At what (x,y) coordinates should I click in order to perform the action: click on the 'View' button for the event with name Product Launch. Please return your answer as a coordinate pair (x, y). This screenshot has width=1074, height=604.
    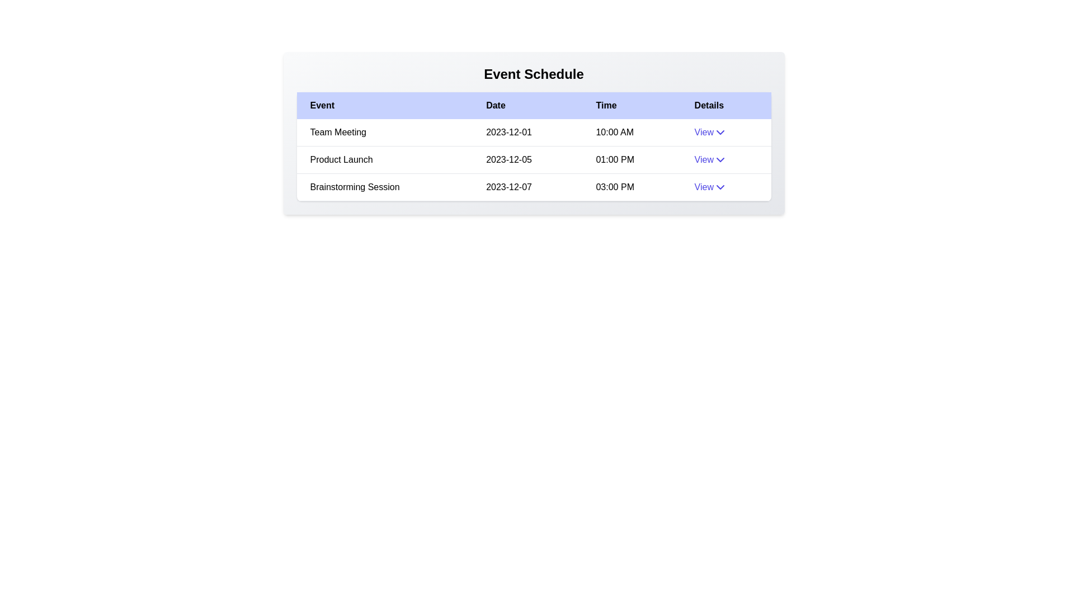
    Looking at the image, I should click on (710, 159).